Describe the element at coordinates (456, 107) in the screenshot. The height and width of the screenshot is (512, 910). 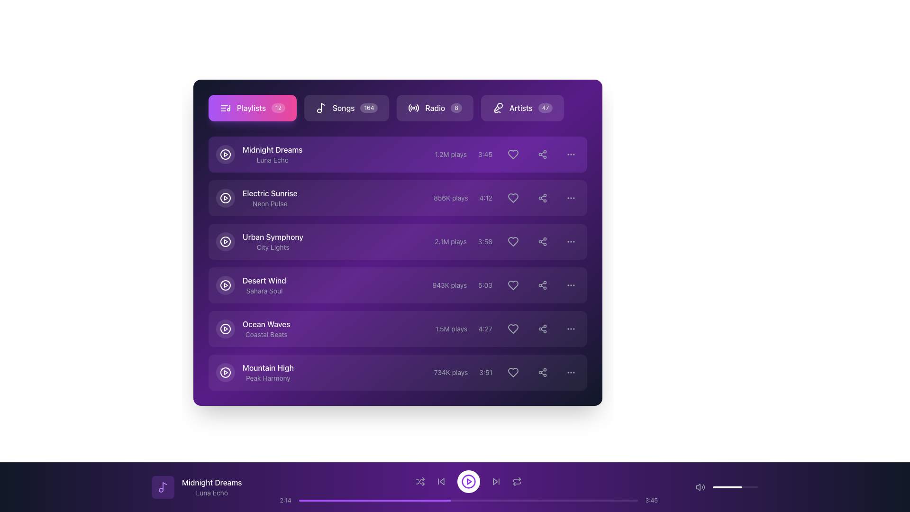
I see `the Counter badge indicating the number of items or updates available for the 'Radio' section, positioned to the right of the 'Radio' text` at that location.